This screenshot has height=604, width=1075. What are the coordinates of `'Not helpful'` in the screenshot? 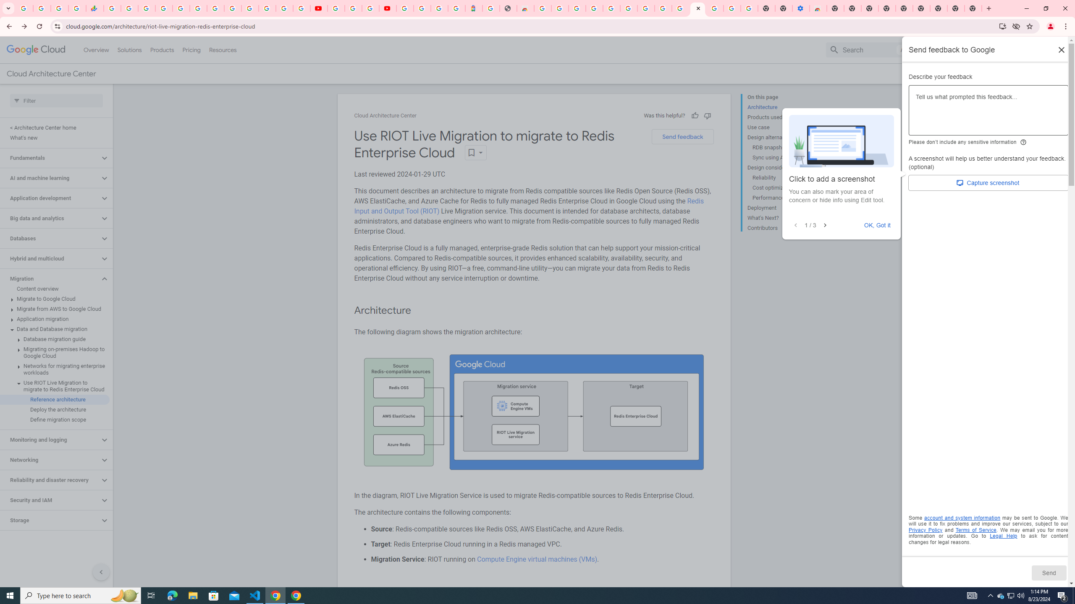 It's located at (707, 115).